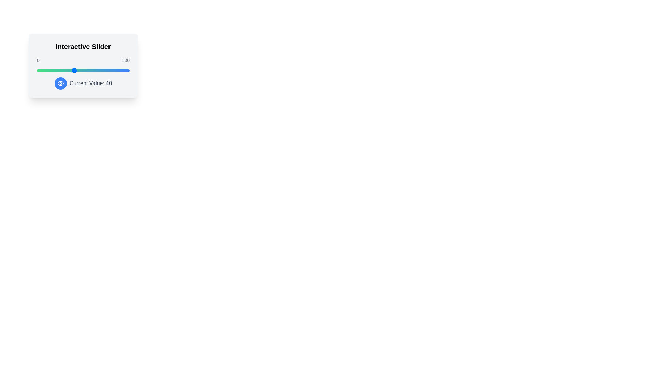 This screenshot has width=655, height=368. I want to click on the slider to set its value to 4, so click(40, 71).